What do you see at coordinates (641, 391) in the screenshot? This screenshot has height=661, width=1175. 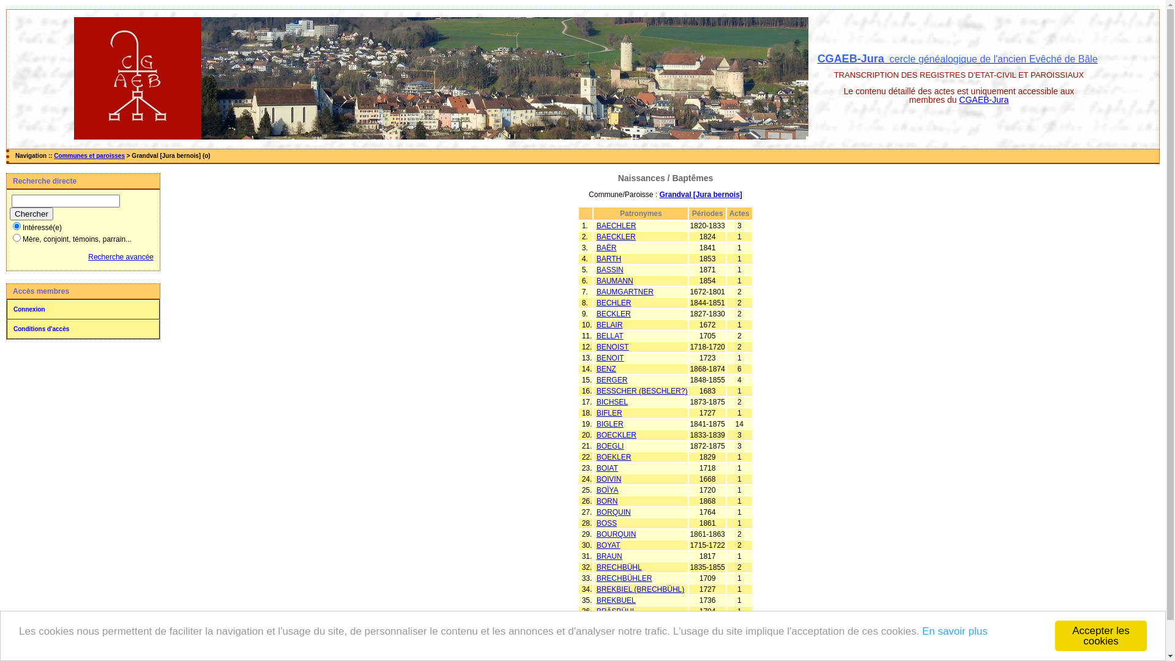 I see `'BESSCHER (BESCHLER?)'` at bounding box center [641, 391].